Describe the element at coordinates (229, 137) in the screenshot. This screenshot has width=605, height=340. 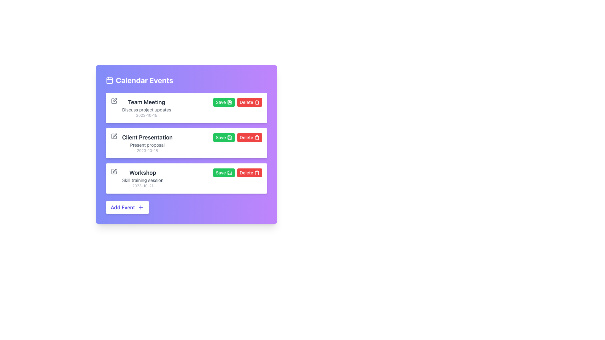
I see `the save icon located inside the green 'Save' button in the second row of the event list` at that location.